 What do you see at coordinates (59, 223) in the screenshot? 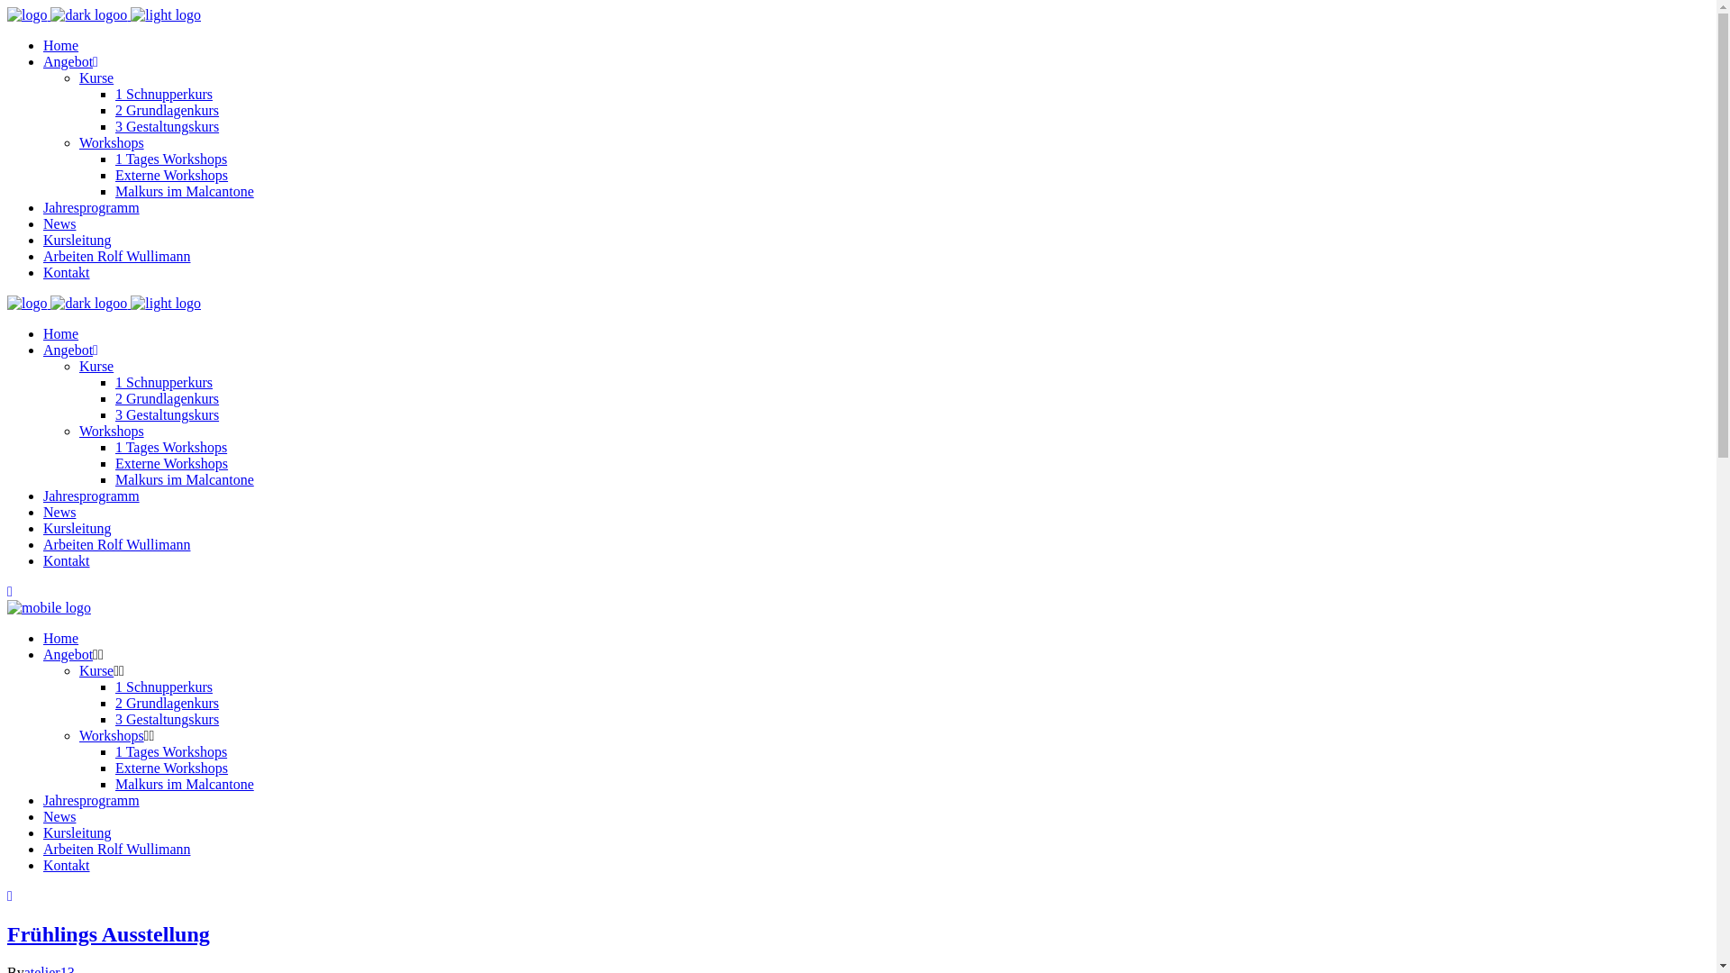
I see `'News'` at bounding box center [59, 223].